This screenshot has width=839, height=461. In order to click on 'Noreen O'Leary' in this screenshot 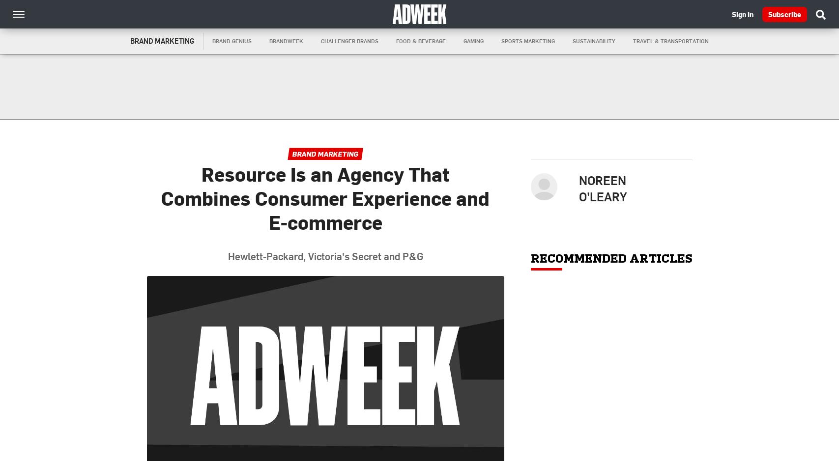, I will do `click(578, 188)`.